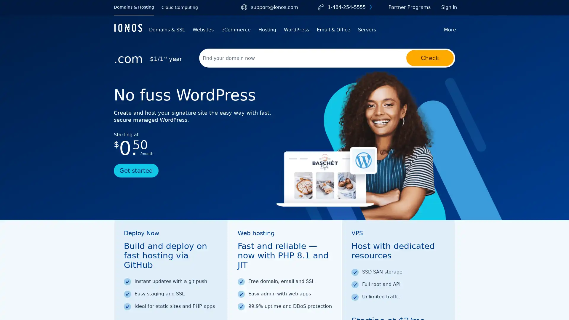  I want to click on WordPress, so click(296, 30).